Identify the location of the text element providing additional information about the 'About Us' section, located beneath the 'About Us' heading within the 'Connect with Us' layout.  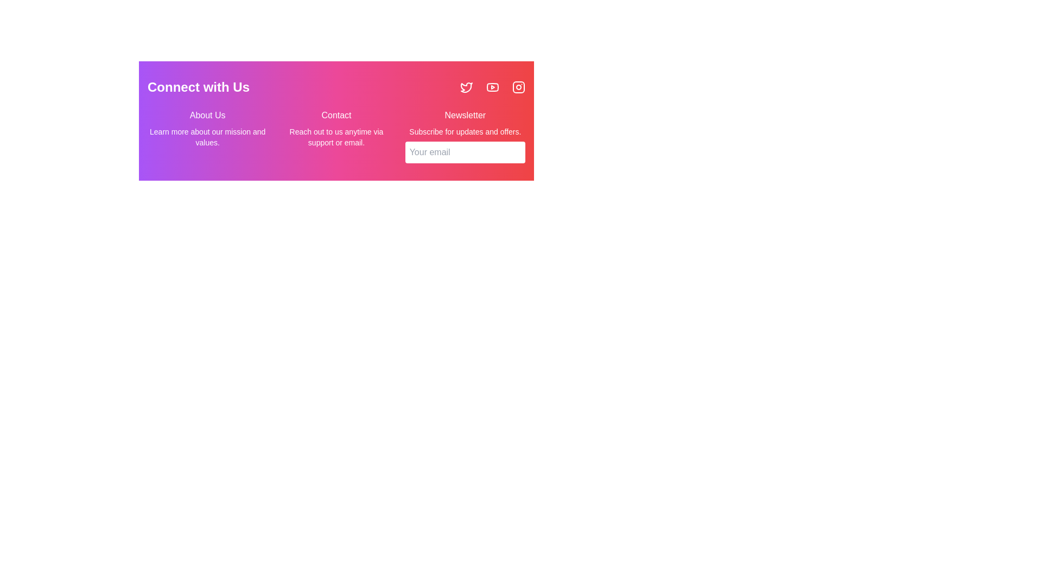
(207, 137).